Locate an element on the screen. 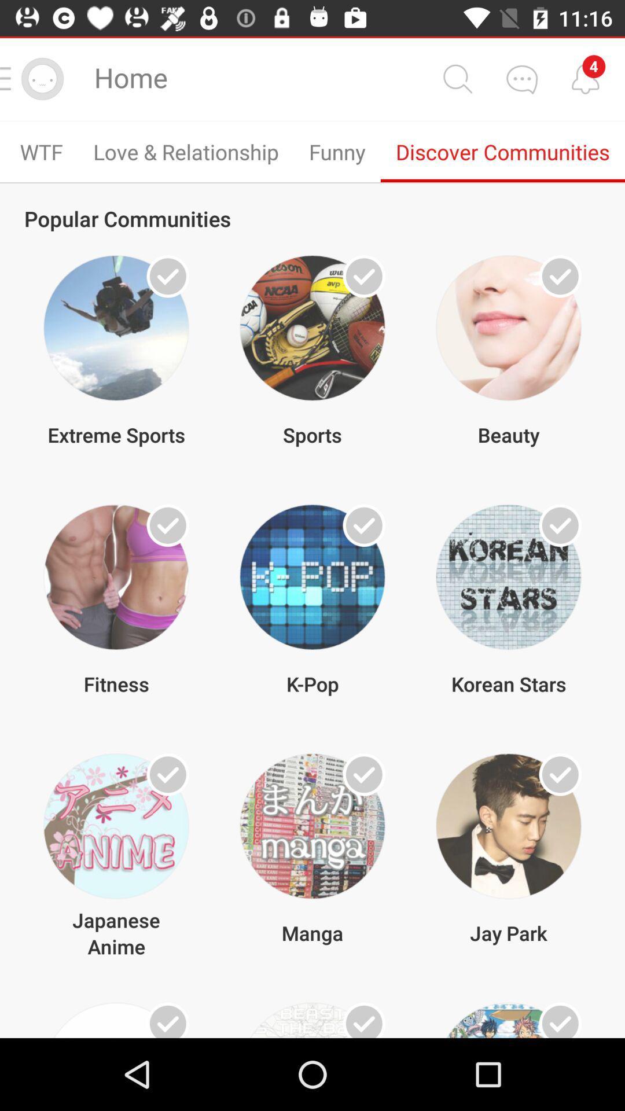  check or uncheck from specific popular communities is located at coordinates (363, 275).